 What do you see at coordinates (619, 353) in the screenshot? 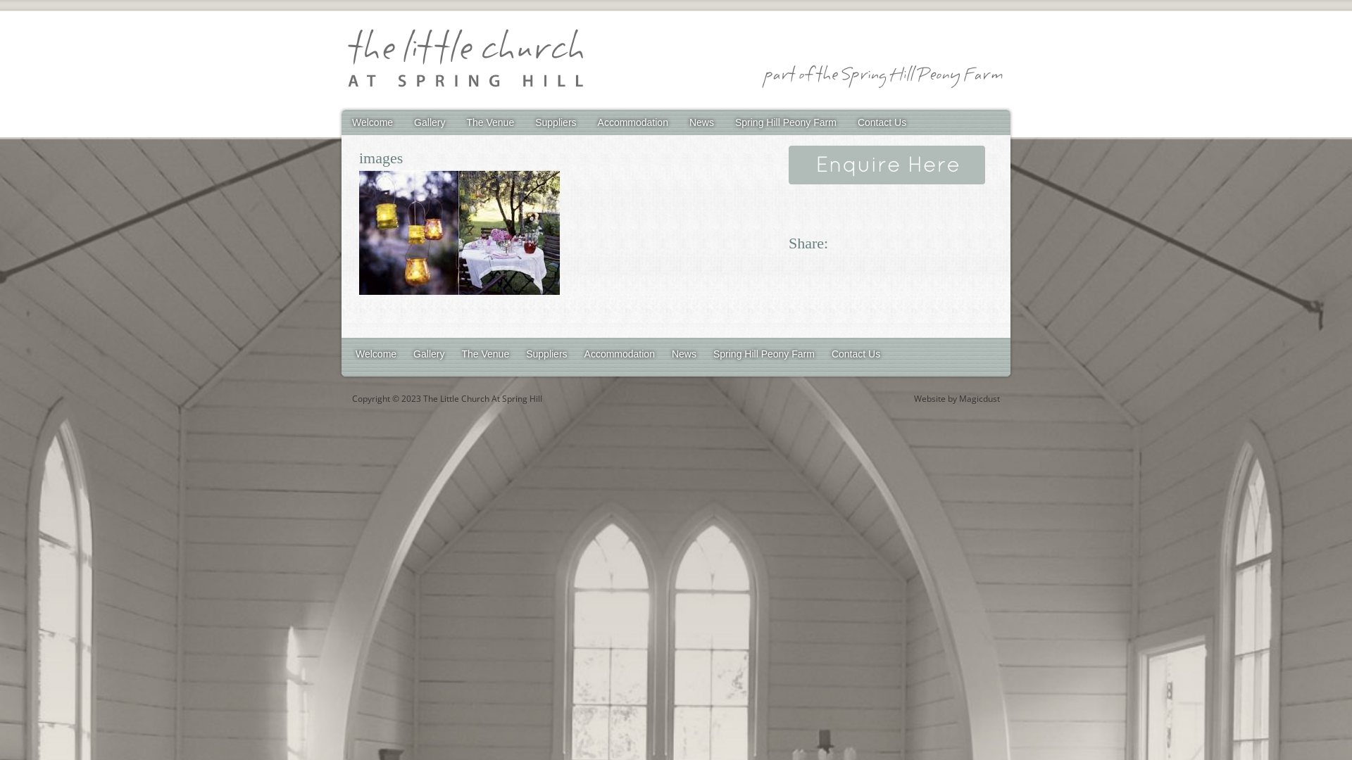
I see `'Accommodation'` at bounding box center [619, 353].